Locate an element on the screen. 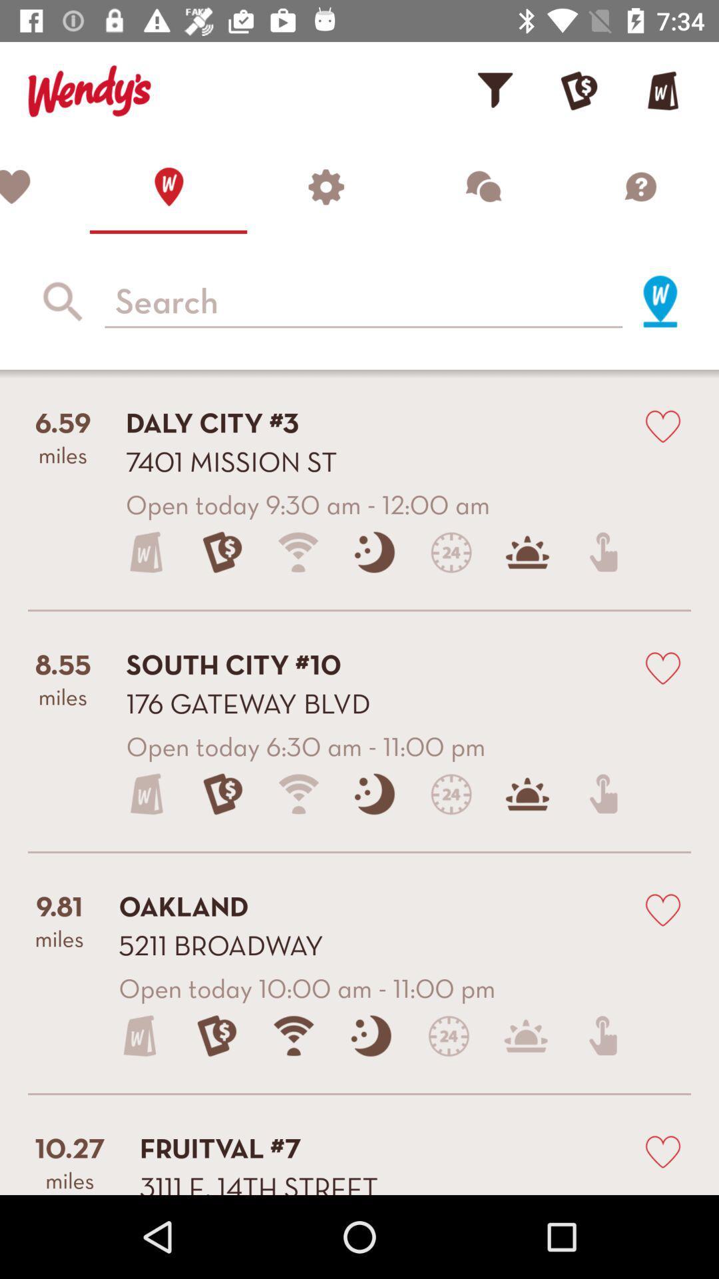 This screenshot has height=1279, width=719. choose to love this is located at coordinates (662, 908).